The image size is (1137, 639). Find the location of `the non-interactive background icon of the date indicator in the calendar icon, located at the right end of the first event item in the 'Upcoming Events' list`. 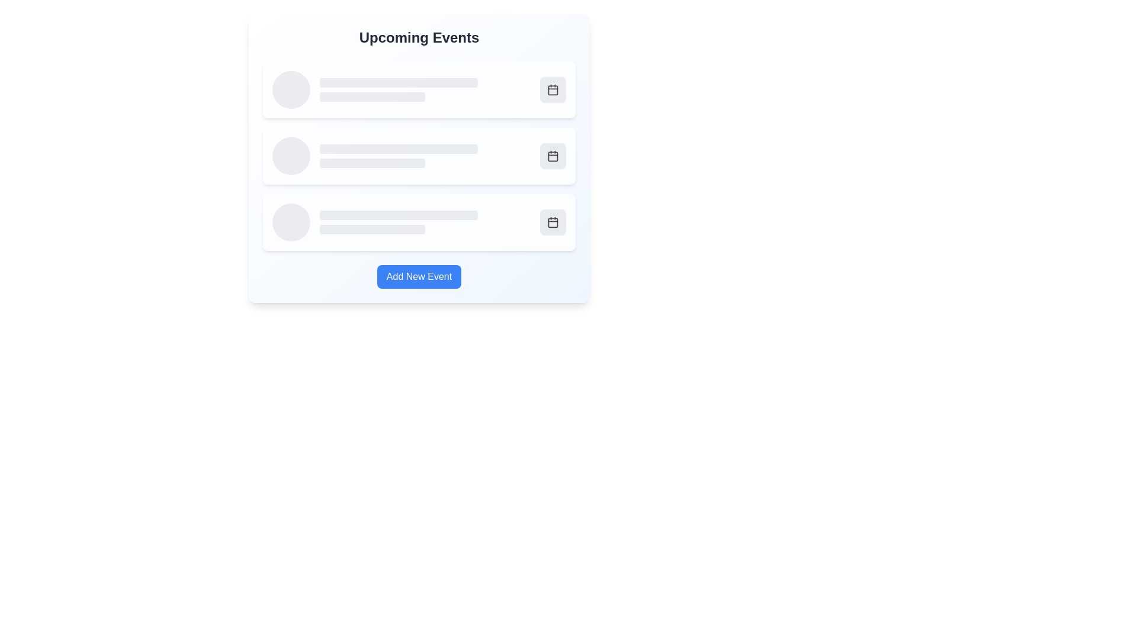

the non-interactive background icon of the date indicator in the calendar icon, located at the right end of the first event item in the 'Upcoming Events' list is located at coordinates (553, 89).